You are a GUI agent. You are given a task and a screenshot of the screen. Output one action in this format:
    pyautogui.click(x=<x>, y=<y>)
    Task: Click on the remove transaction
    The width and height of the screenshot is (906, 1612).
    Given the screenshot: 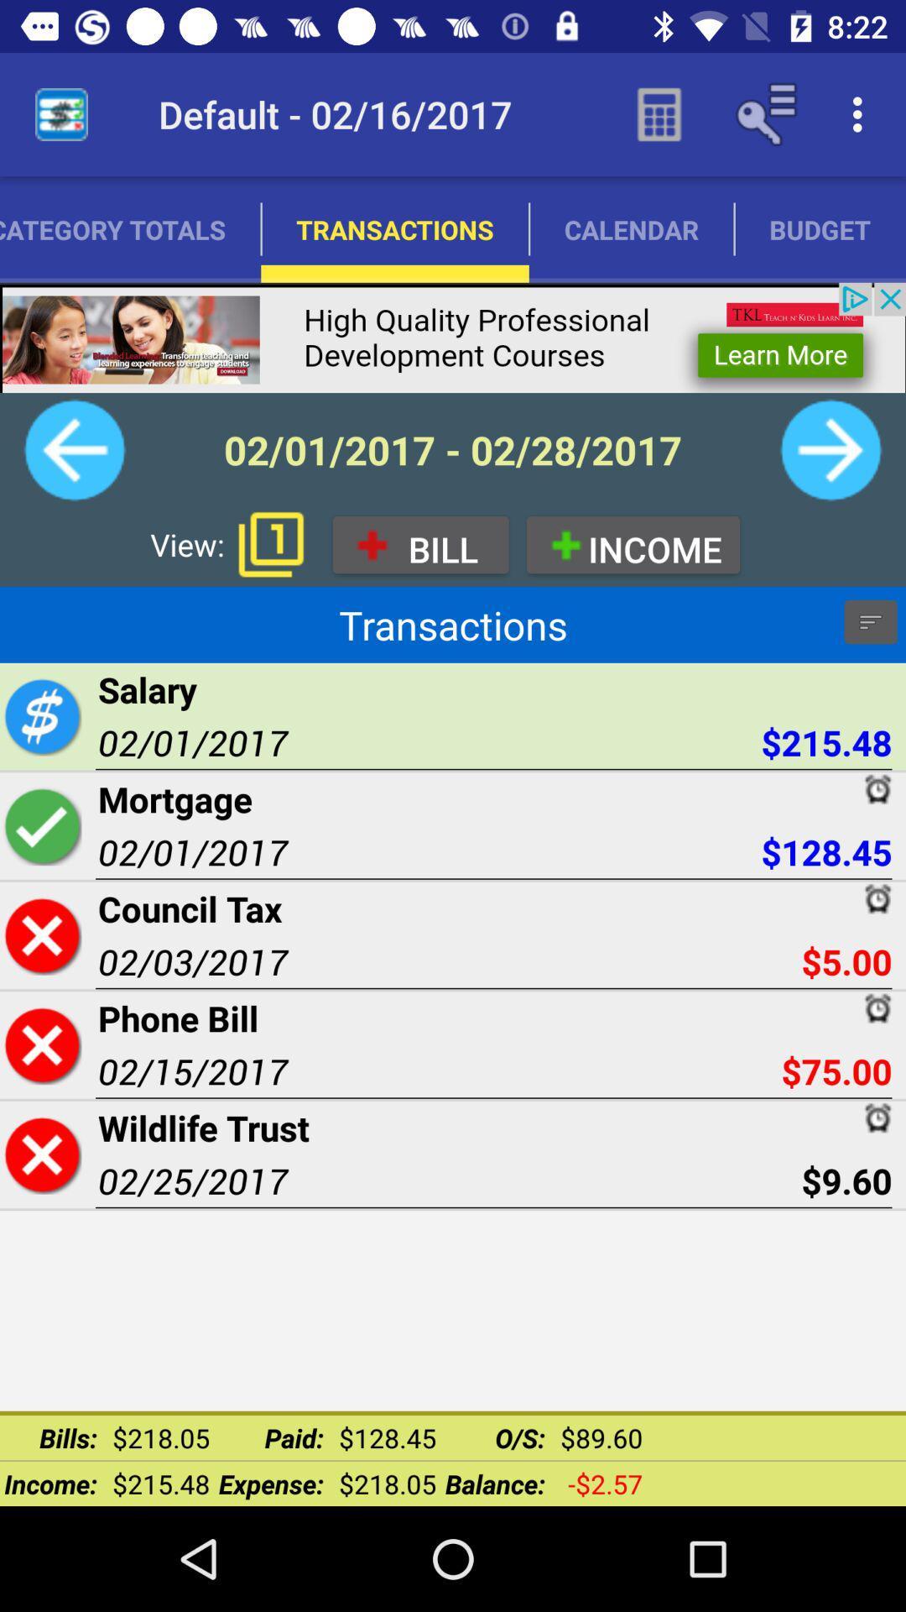 What is the action you would take?
    pyautogui.click(x=41, y=1154)
    